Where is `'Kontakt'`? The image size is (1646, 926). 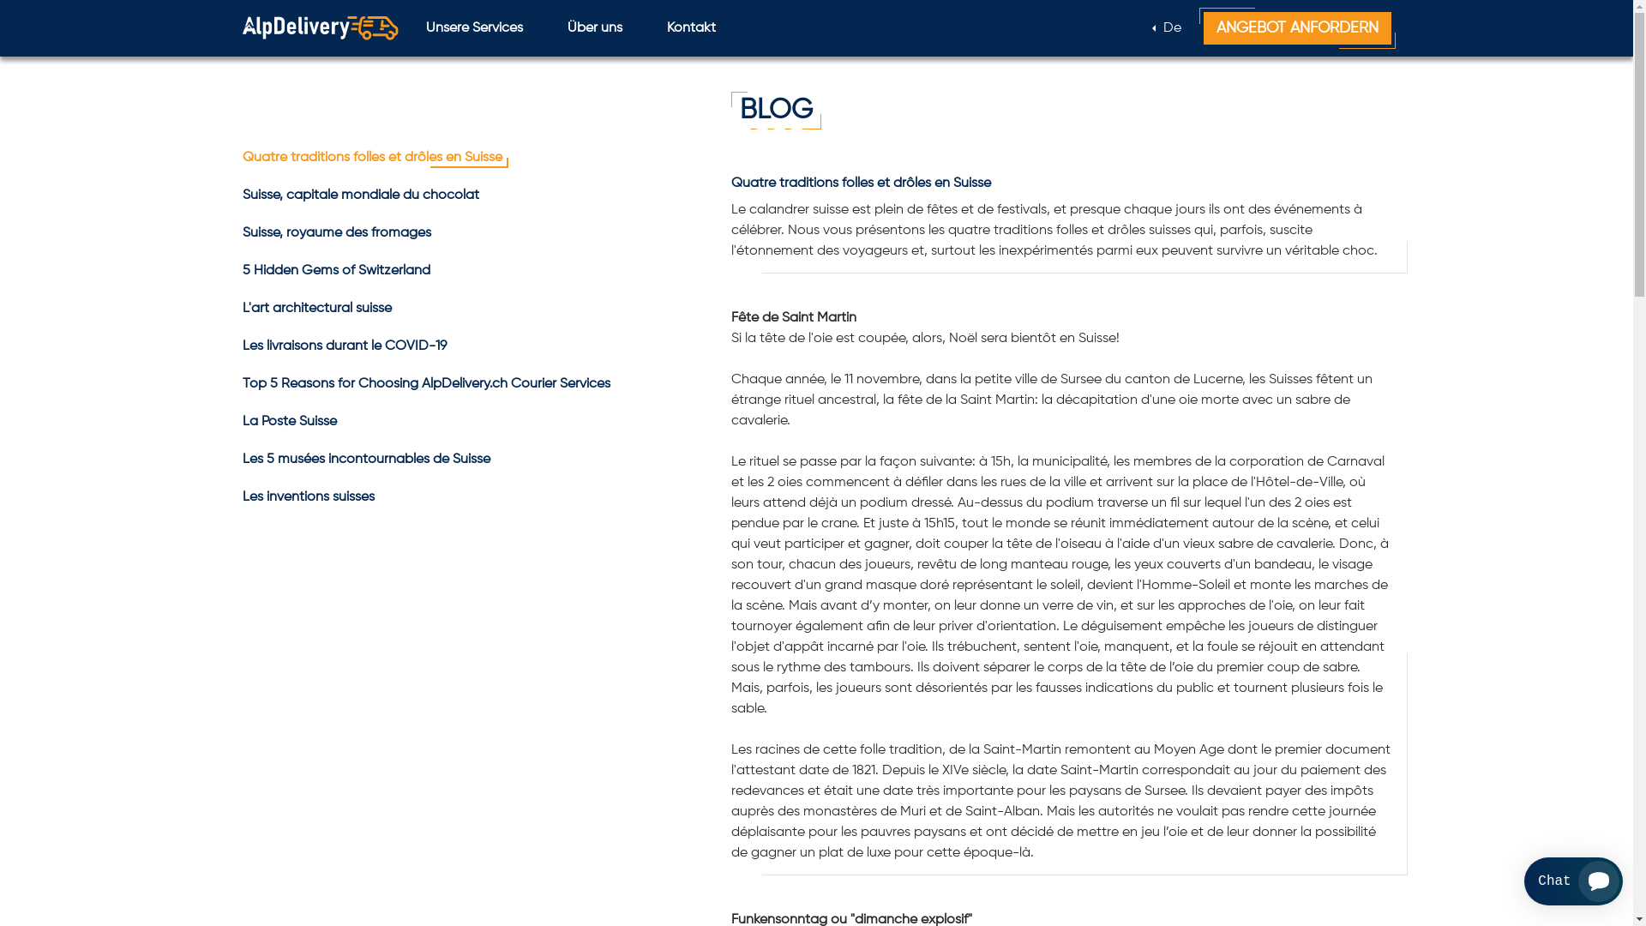
'Kontakt' is located at coordinates (652, 28).